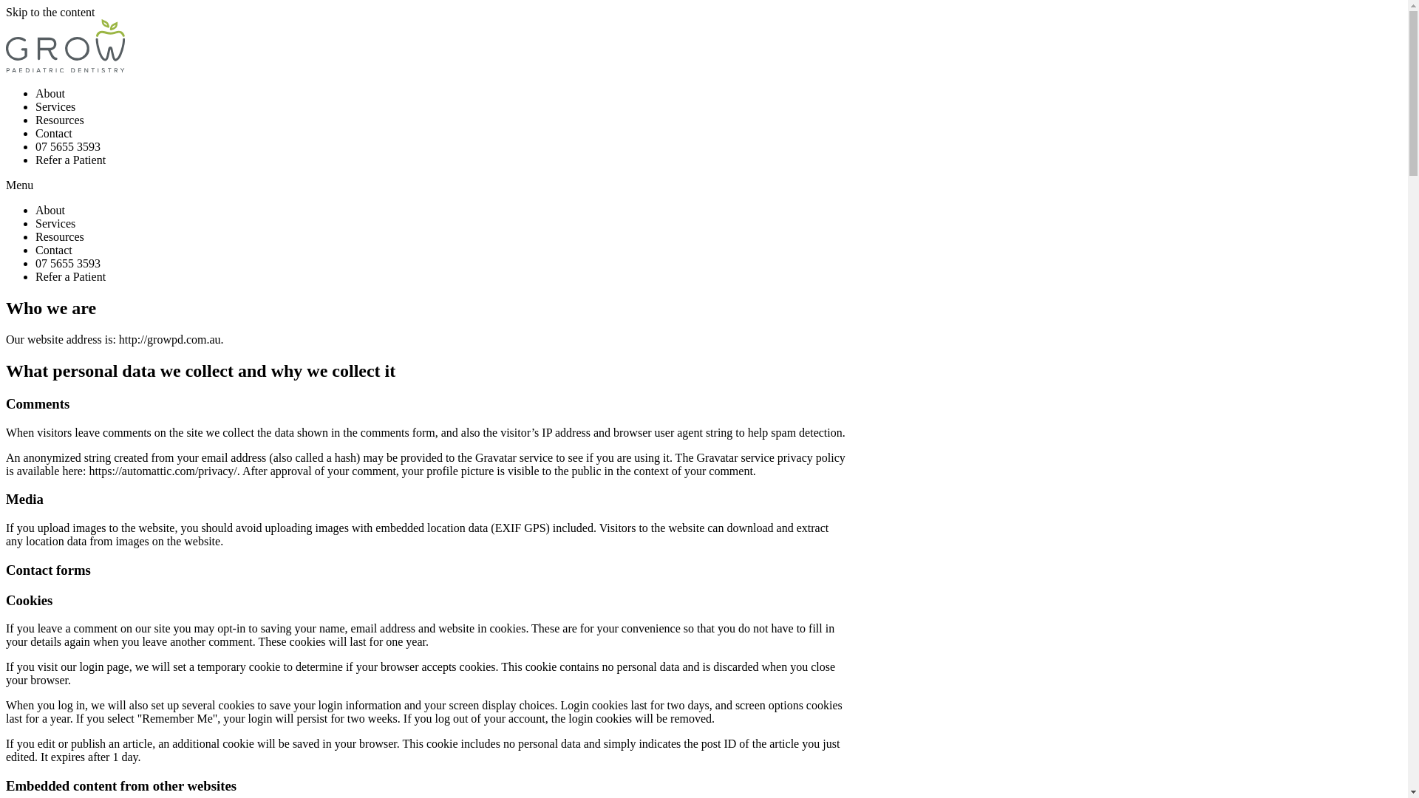 The height and width of the screenshot is (798, 1419). Describe the element at coordinates (59, 236) in the screenshot. I see `'Resources'` at that location.